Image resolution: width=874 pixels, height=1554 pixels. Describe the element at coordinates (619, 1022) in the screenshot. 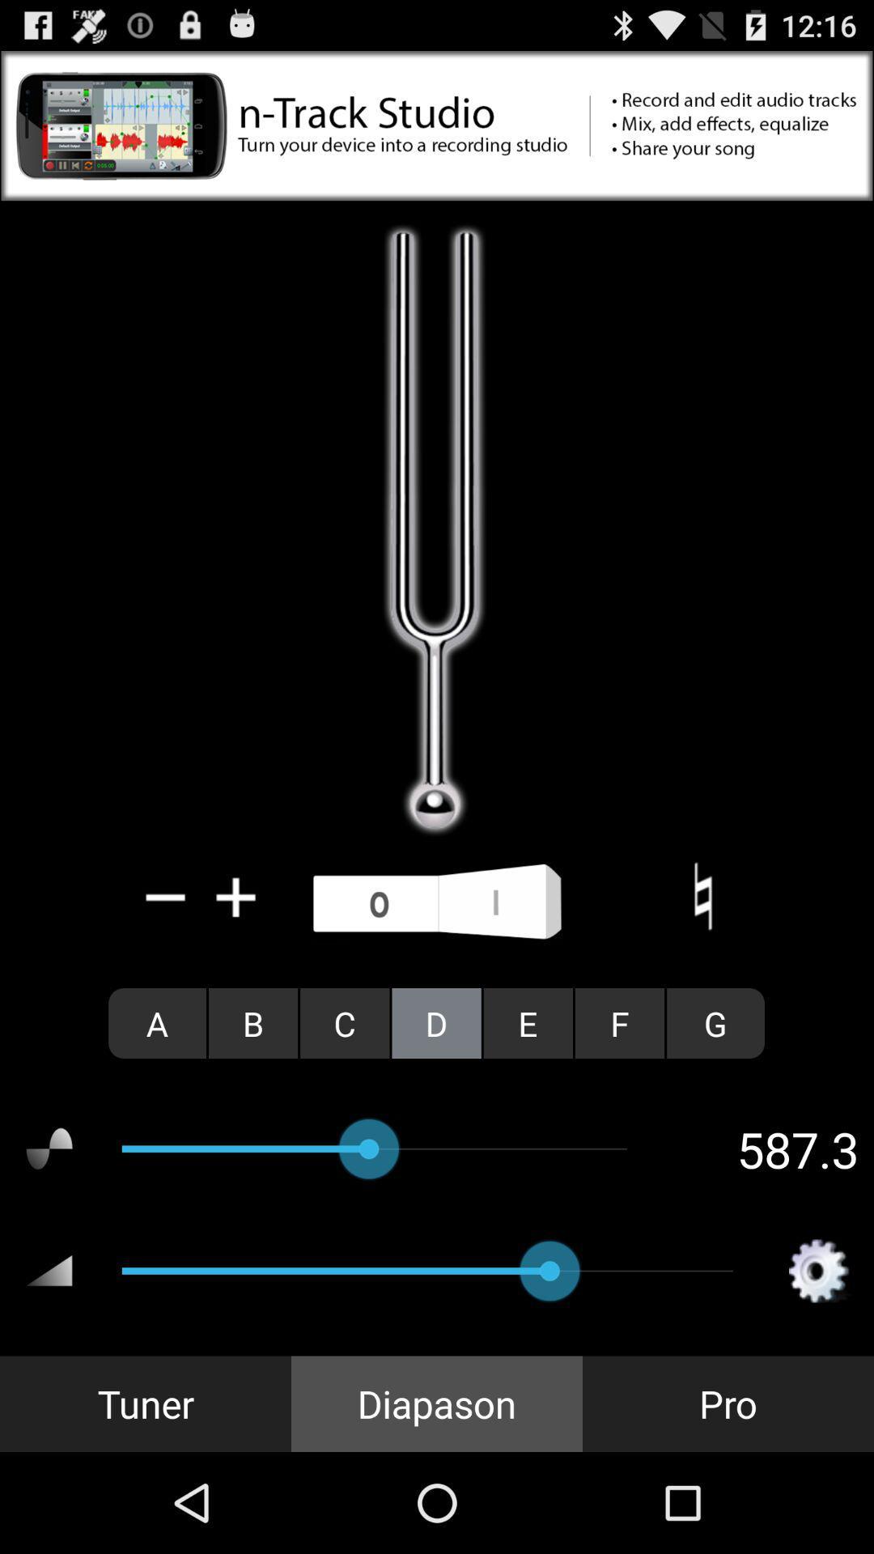

I see `the radio button next to the e` at that location.